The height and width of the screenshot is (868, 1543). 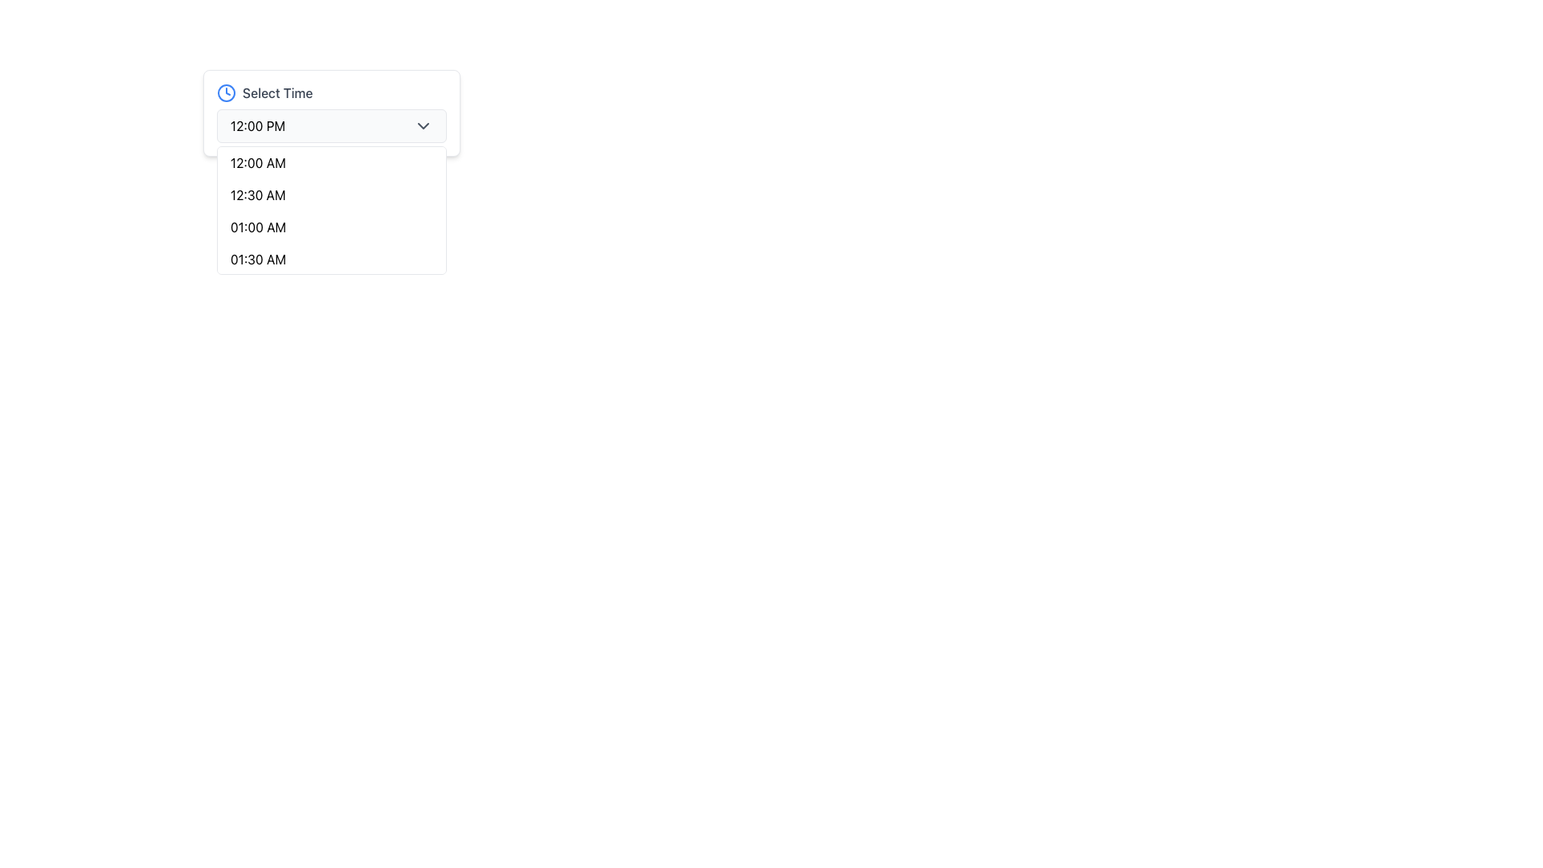 I want to click on the currently displayed time '12:00 PM' within the 'Select Time' dropdown field, so click(x=258, y=125).